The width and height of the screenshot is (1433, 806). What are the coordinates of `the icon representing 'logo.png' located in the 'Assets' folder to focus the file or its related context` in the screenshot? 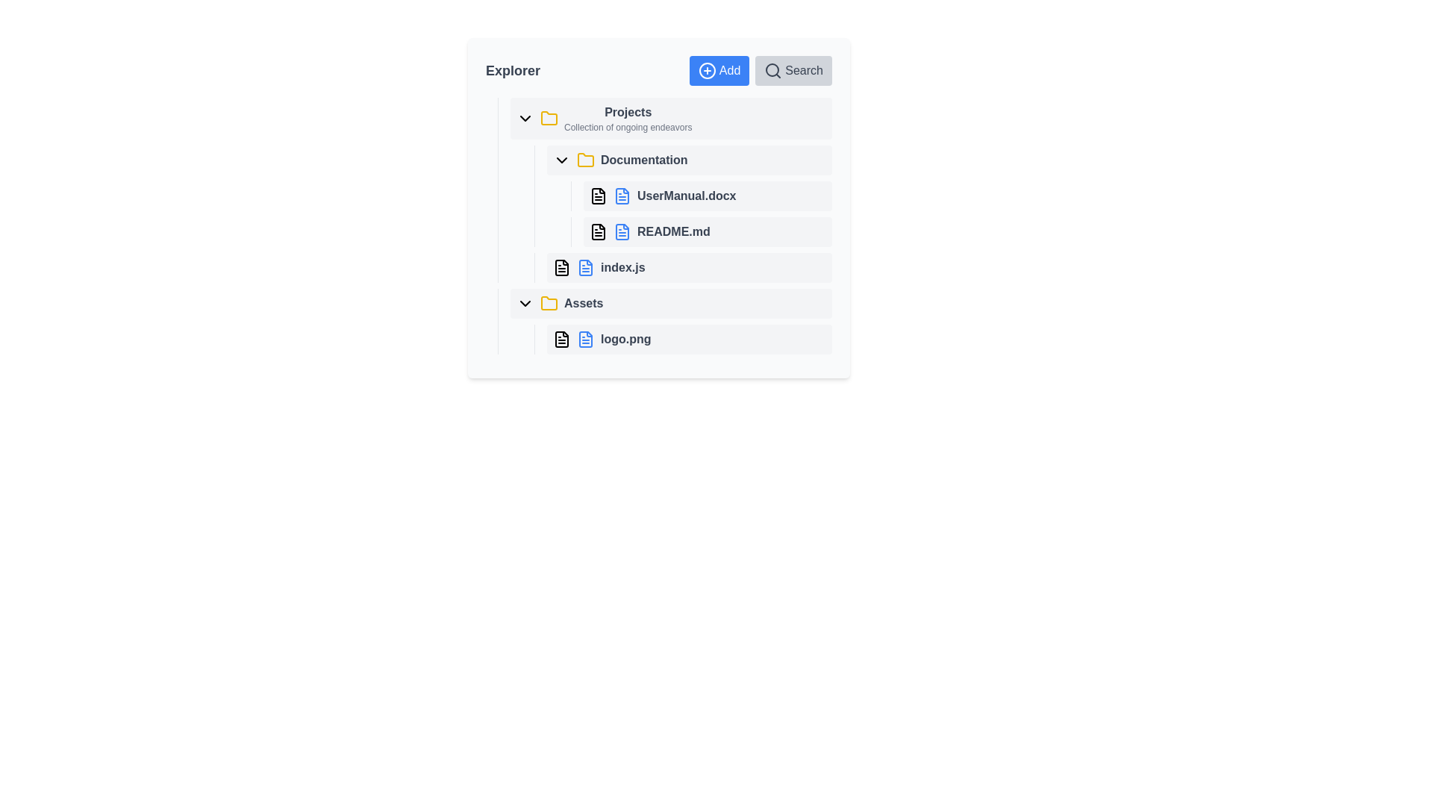 It's located at (561, 340).